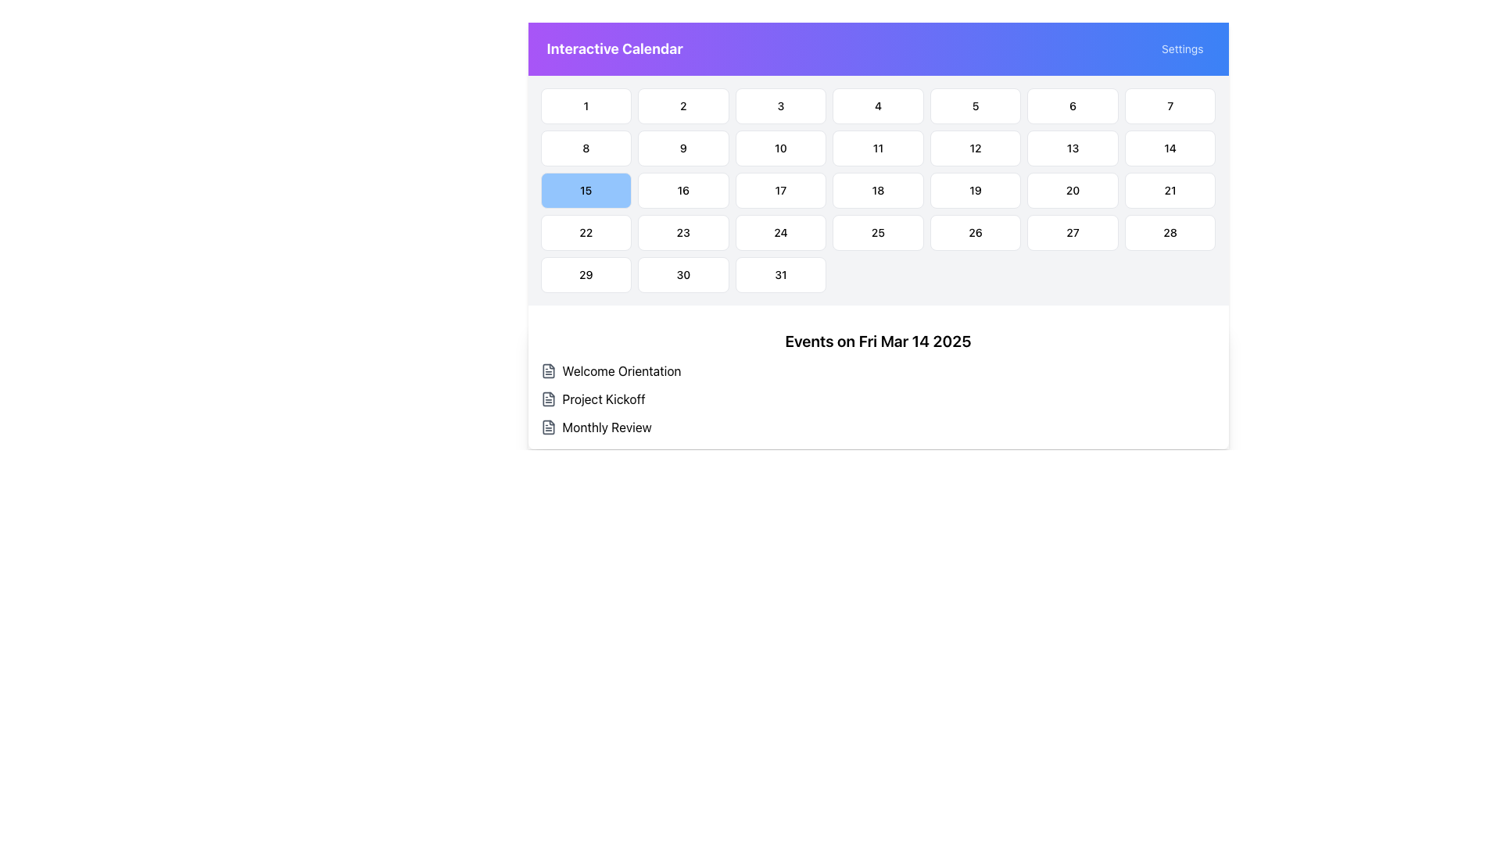 The height and width of the screenshot is (844, 1501). What do you see at coordinates (780, 189) in the screenshot?
I see `the text label displaying the number '17' in the interactive calendar interface, located in the second row and fourth column of the grid` at bounding box center [780, 189].